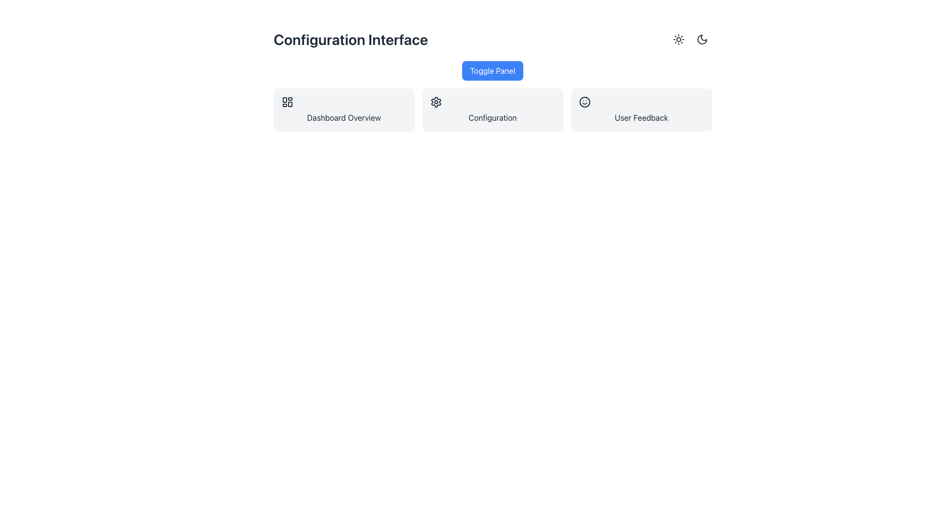  I want to click on the cog-shaped icon representing settings, located in the middle section of the layout within the 'Configuration' card, so click(435, 102).